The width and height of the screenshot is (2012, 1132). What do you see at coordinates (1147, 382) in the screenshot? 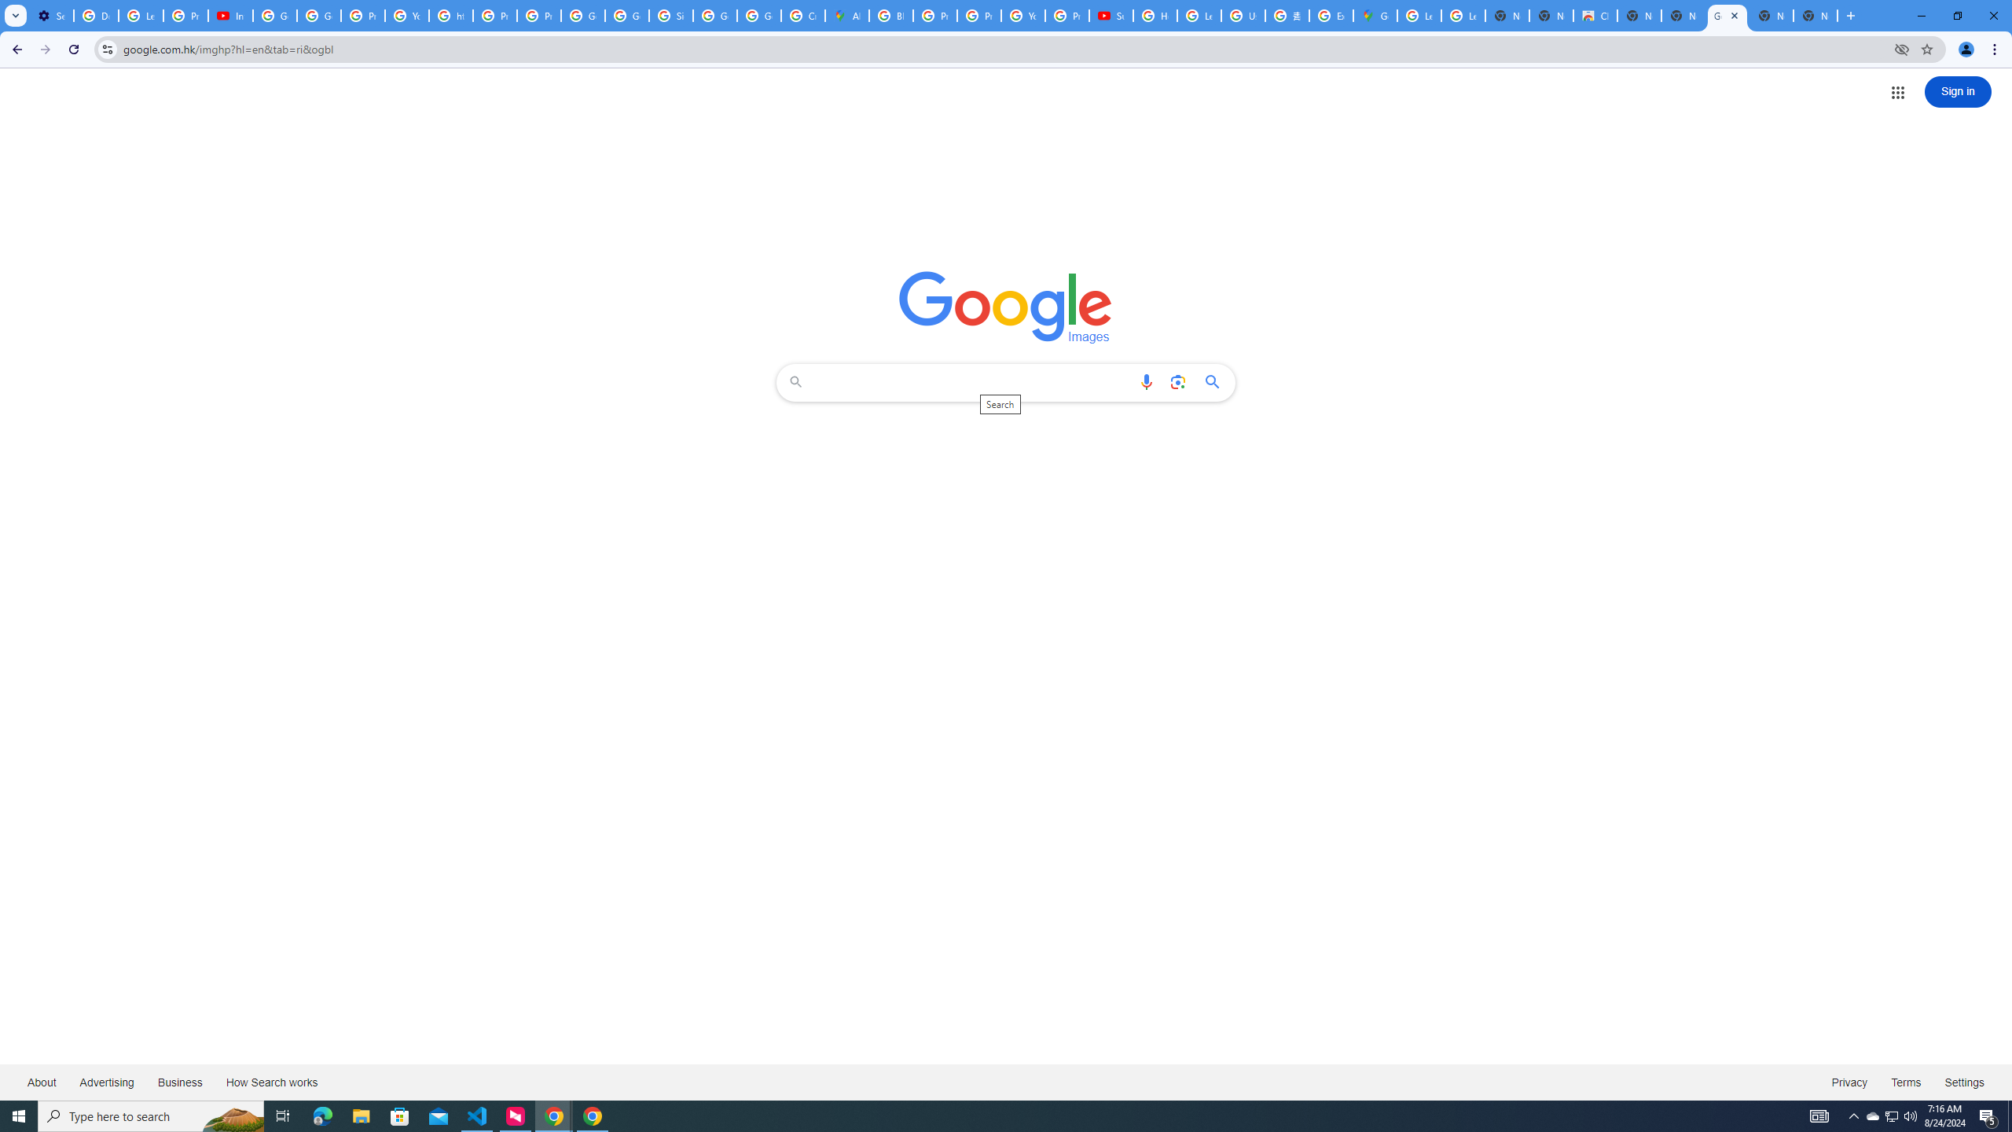
I see `'Search by voice'` at bounding box center [1147, 382].